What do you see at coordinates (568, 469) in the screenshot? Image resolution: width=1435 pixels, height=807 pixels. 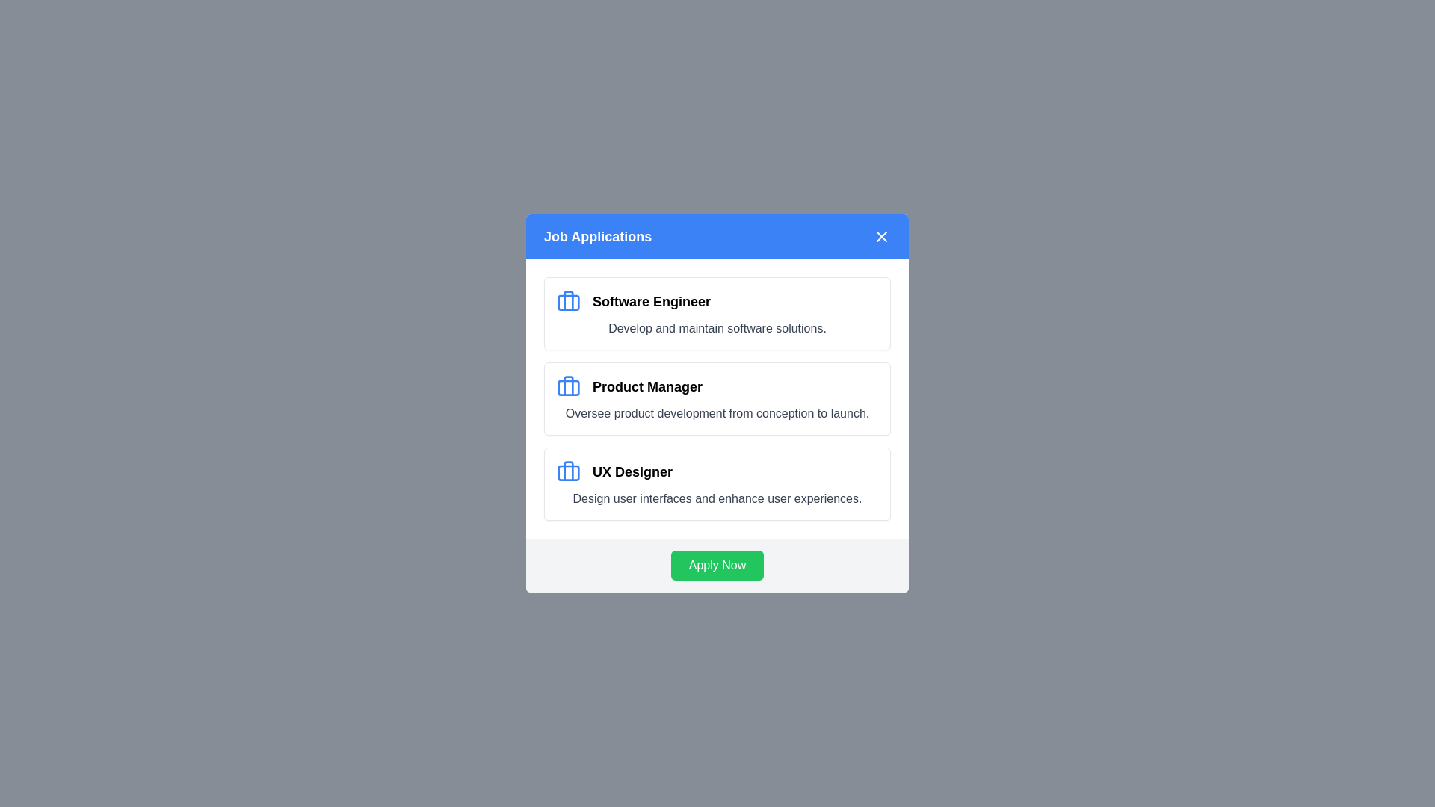 I see `the central vertical section of the briefcase icon, which is a decorative part reinforcing the theme of professional roles, located to the left of the 'Product Manager' text in the Job Applications modal` at bounding box center [568, 469].